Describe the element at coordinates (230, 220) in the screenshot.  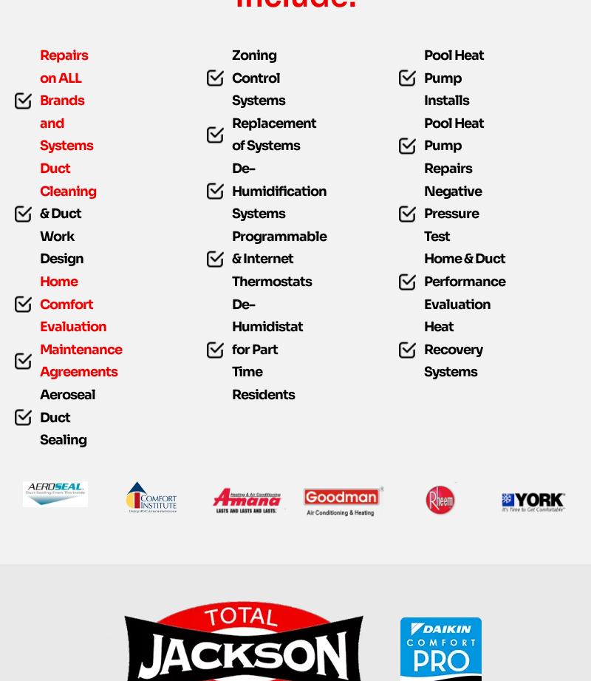
I see `'De-Humidification Systems'` at that location.